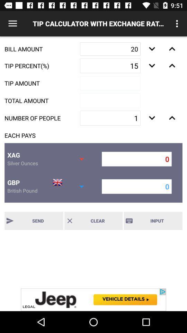 This screenshot has width=187, height=333. I want to click on lower button, so click(151, 66).